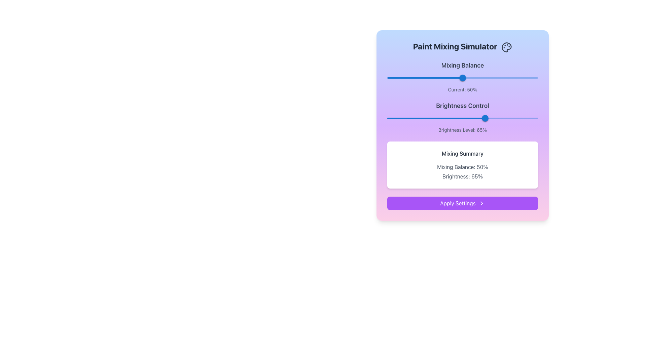 The width and height of the screenshot is (646, 363). I want to click on the mixing balance, so click(516, 77).